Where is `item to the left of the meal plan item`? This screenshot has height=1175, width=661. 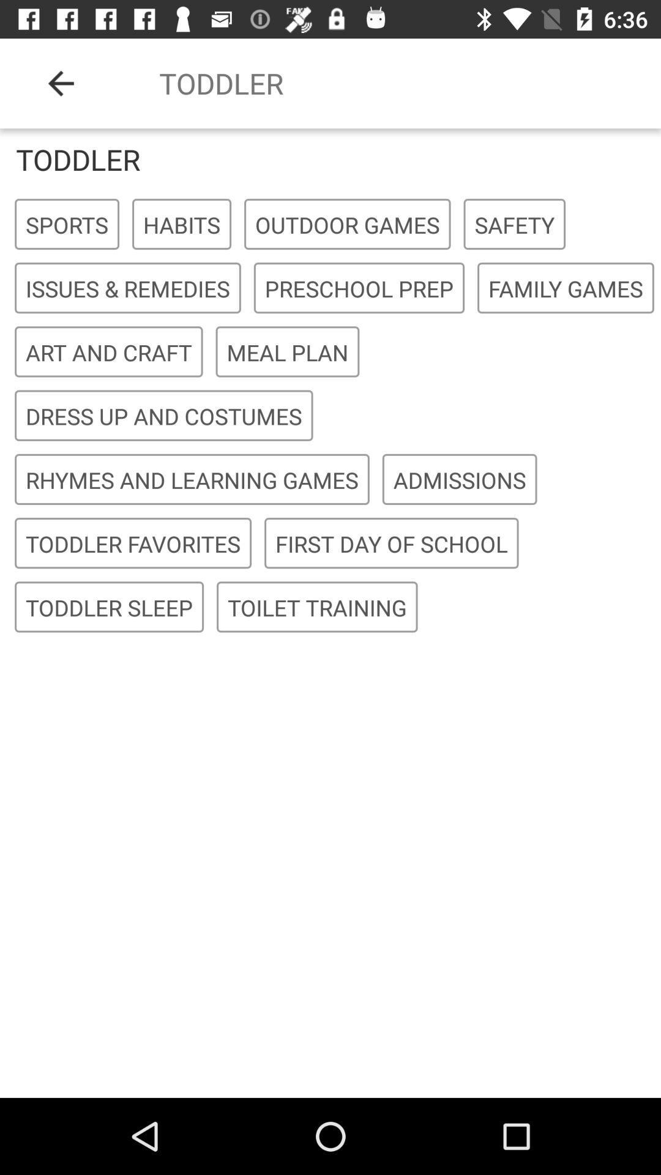 item to the left of the meal plan item is located at coordinates (108, 352).